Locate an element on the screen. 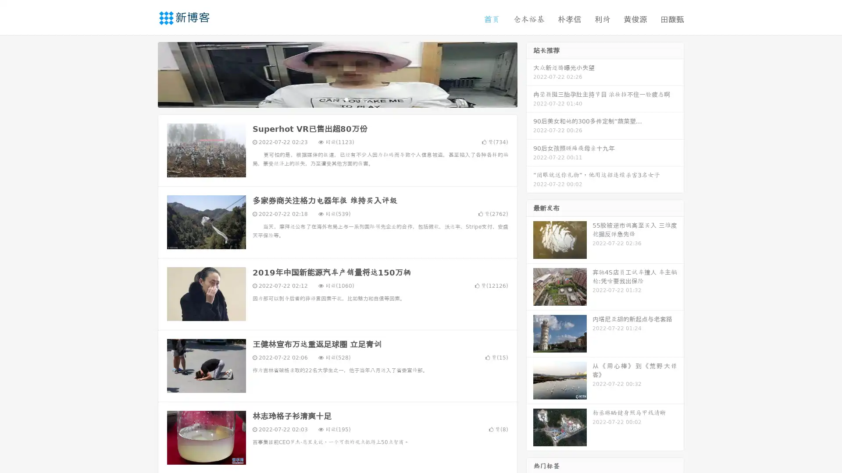 Image resolution: width=842 pixels, height=473 pixels. Go to slide 2 is located at coordinates (337, 99).